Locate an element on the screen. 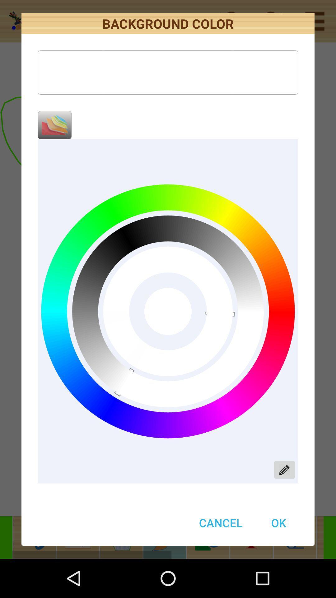  item to the left of the ok icon is located at coordinates (220, 523).